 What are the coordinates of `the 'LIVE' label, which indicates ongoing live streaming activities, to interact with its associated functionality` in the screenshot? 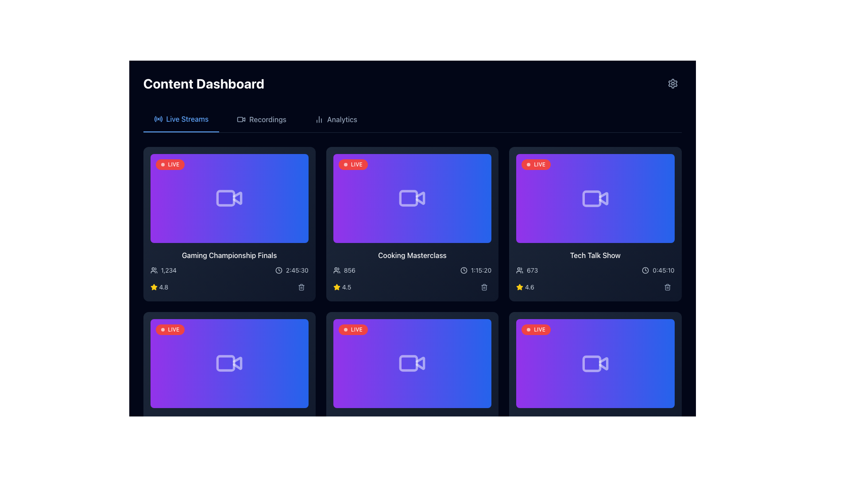 It's located at (356, 329).